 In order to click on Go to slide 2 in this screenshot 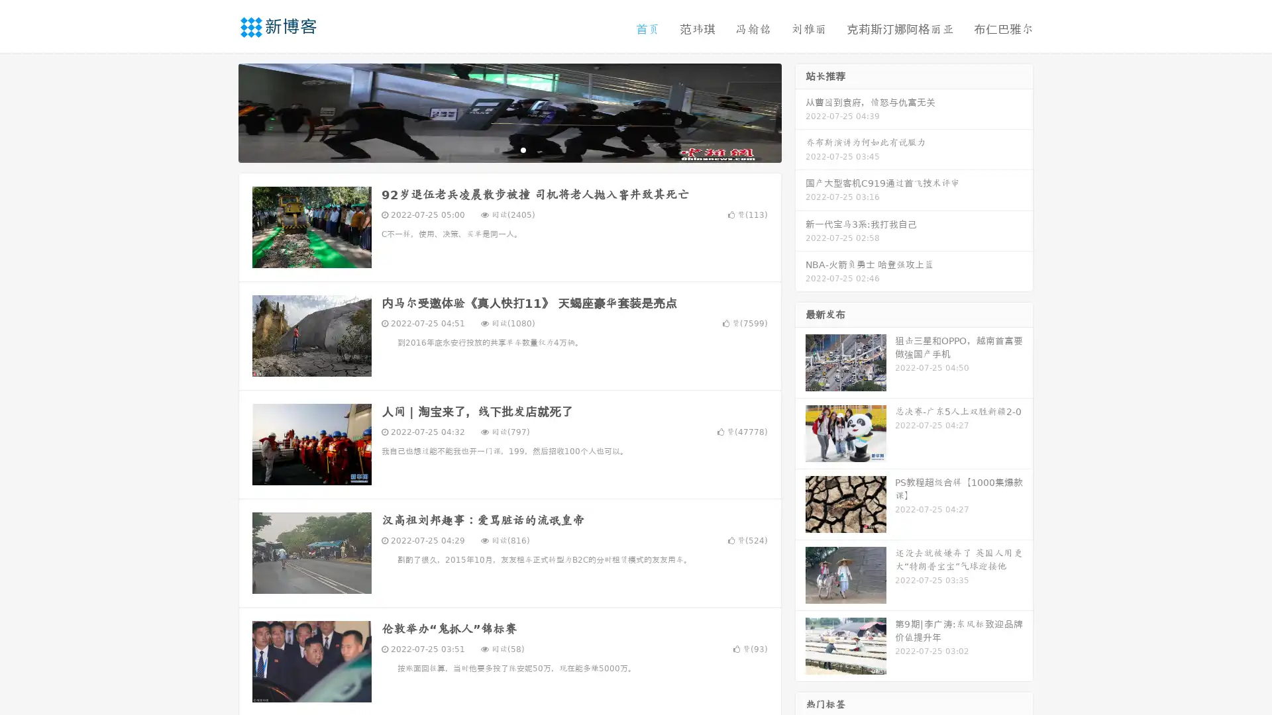, I will do `click(509, 149)`.